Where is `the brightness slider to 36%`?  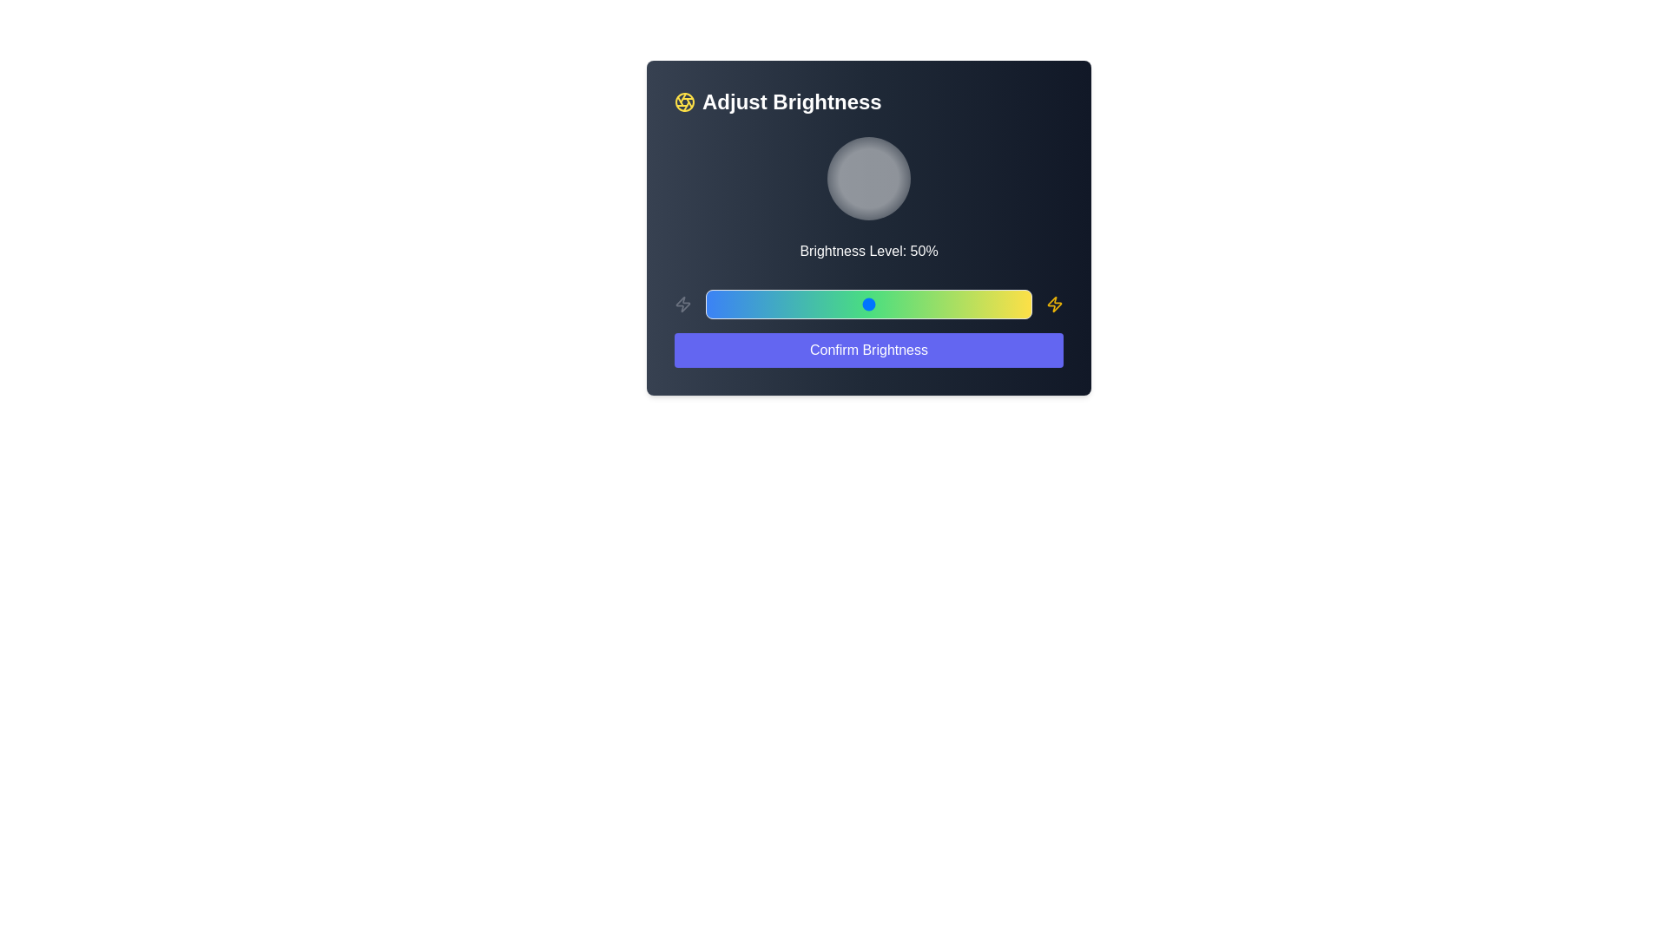 the brightness slider to 36% is located at coordinates (822, 304).